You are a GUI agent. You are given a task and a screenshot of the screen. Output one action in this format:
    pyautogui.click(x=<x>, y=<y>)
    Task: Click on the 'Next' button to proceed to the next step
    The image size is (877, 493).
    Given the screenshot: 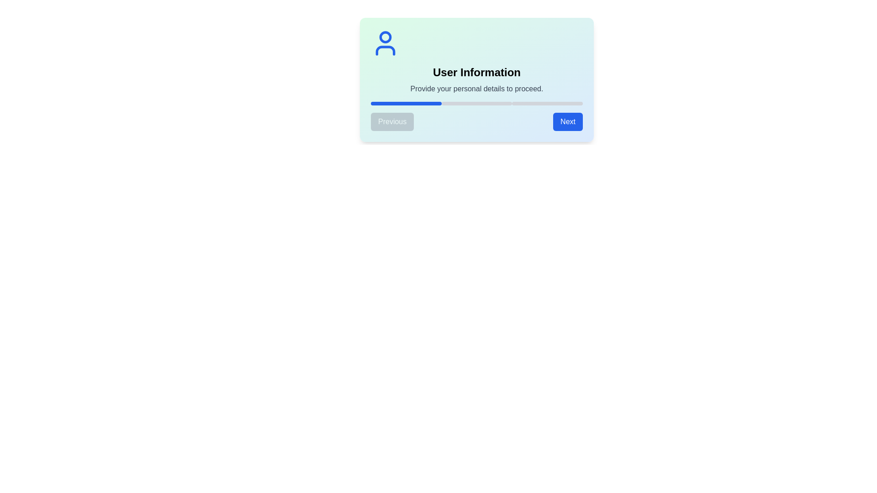 What is the action you would take?
    pyautogui.click(x=567, y=121)
    